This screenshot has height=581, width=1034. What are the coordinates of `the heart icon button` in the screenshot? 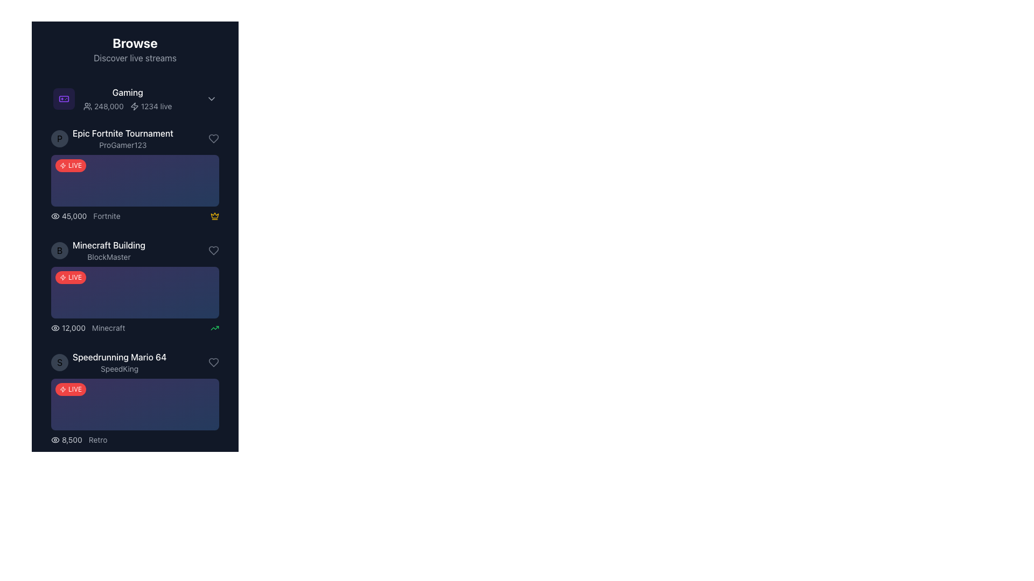 It's located at (214, 251).